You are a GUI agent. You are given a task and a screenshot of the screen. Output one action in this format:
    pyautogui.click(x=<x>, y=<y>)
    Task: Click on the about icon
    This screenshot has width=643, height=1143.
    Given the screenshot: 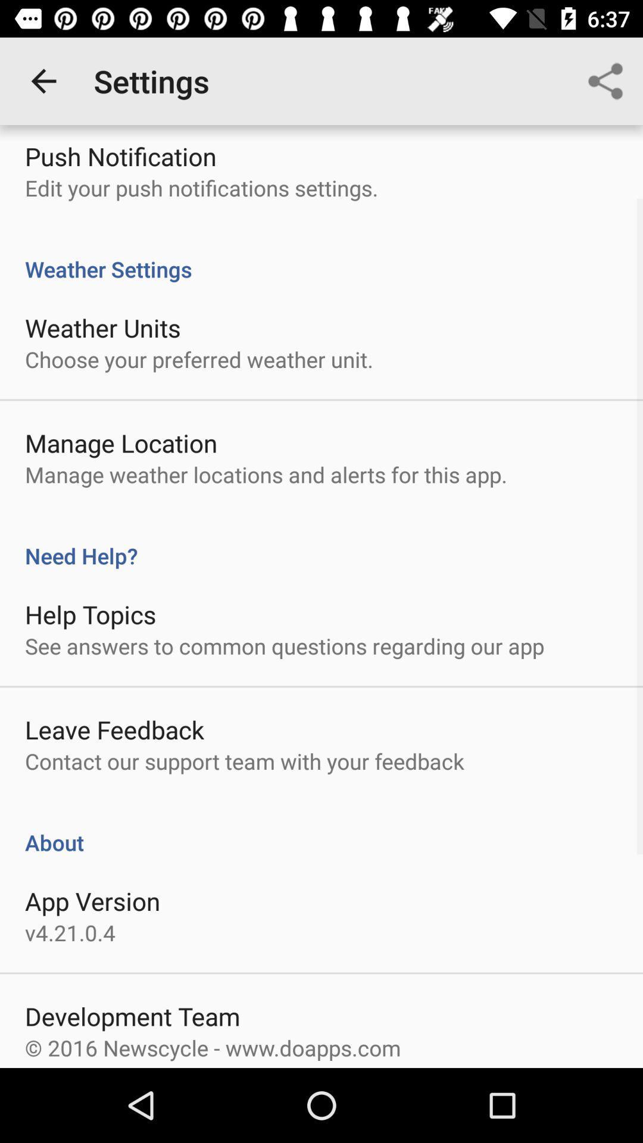 What is the action you would take?
    pyautogui.click(x=321, y=829)
    